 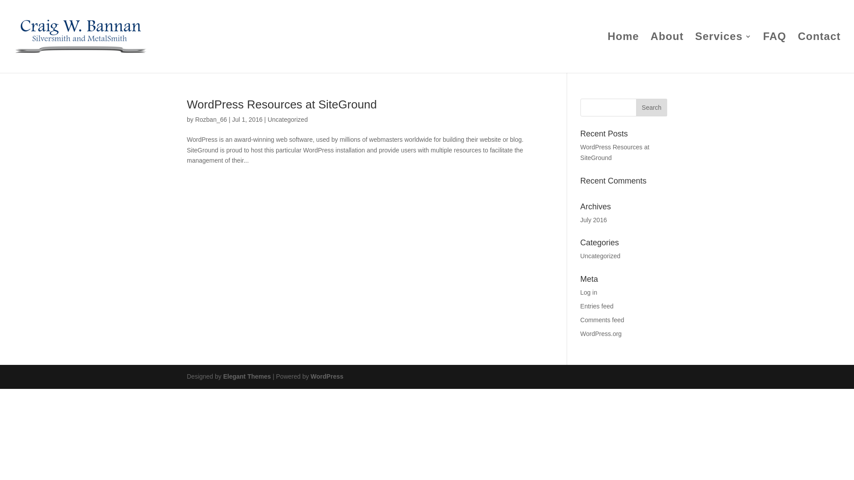 What do you see at coordinates (580, 256) in the screenshot?
I see `'Uncategorized'` at bounding box center [580, 256].